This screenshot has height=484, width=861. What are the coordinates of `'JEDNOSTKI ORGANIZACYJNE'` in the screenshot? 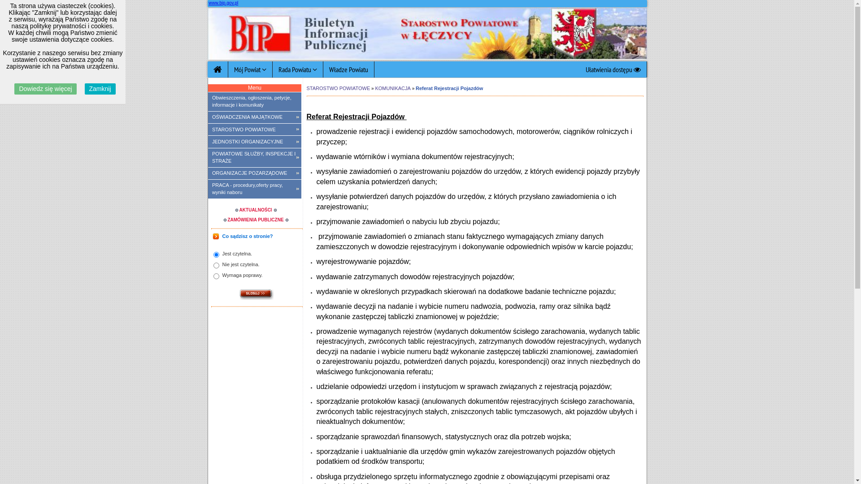 It's located at (254, 141).